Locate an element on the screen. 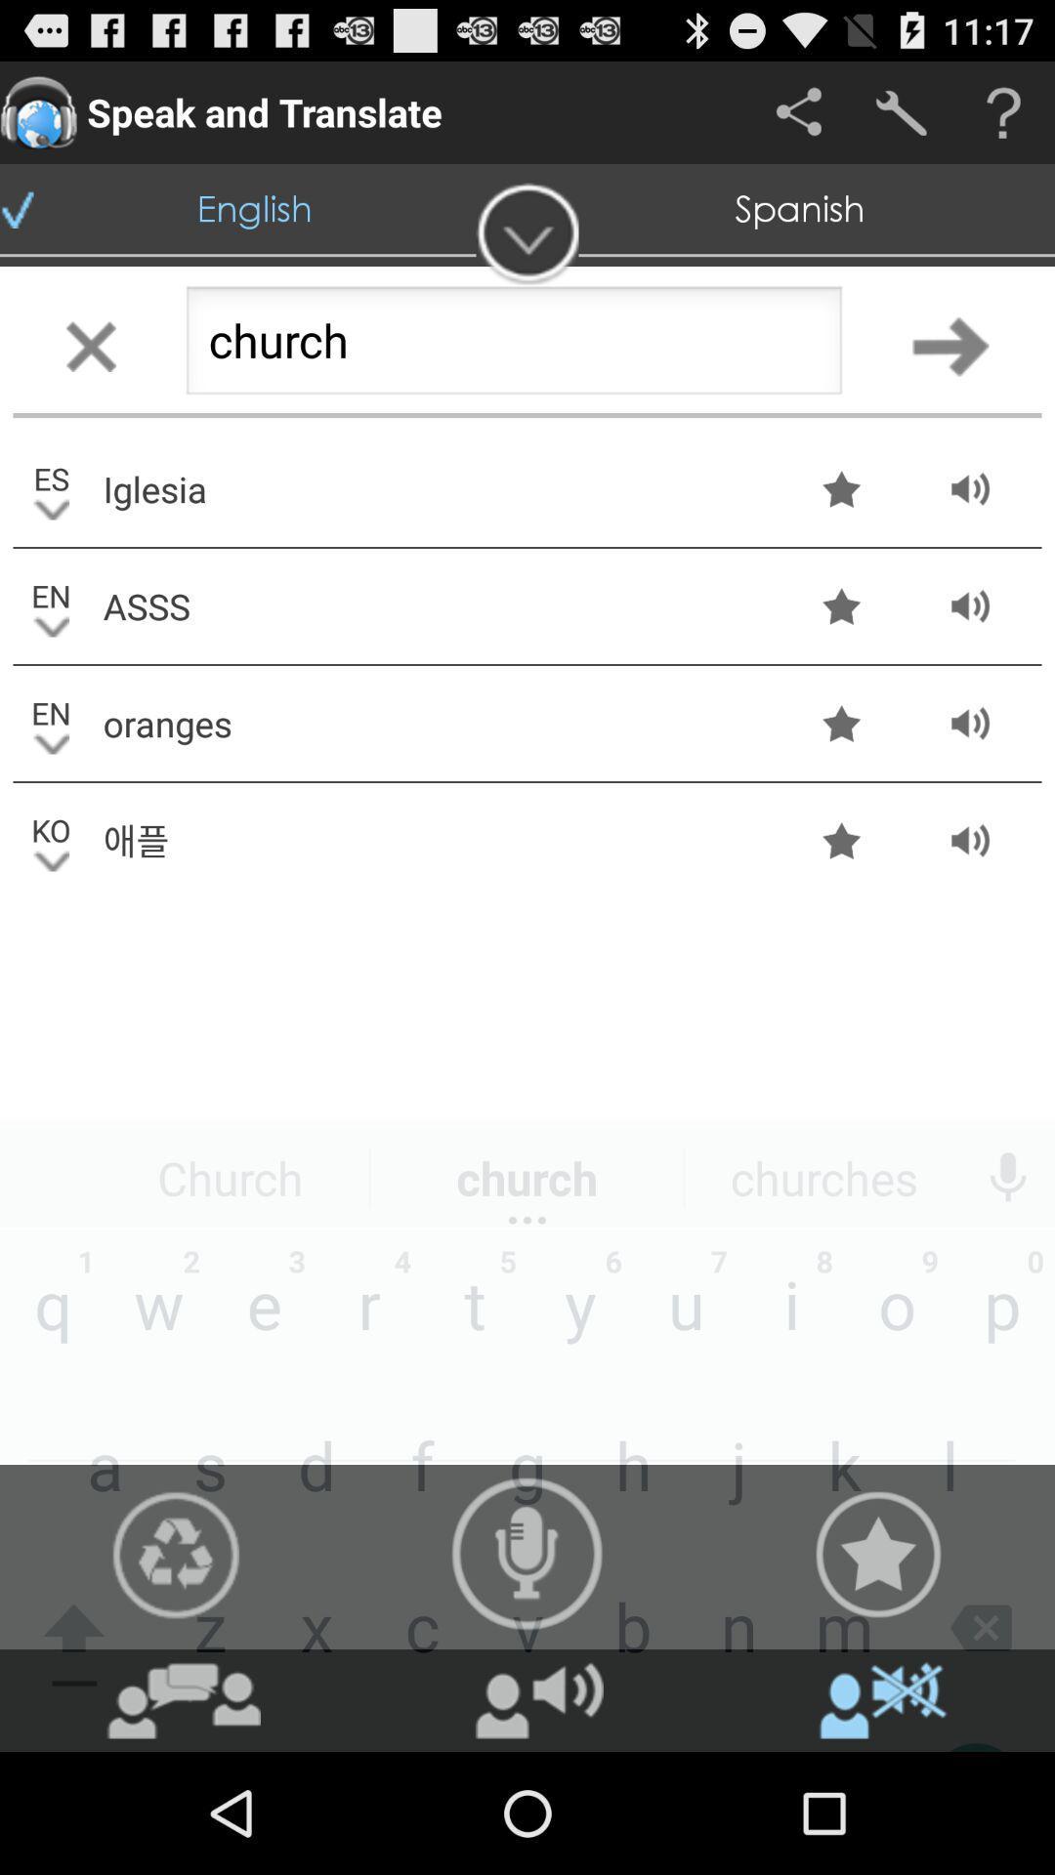 The height and width of the screenshot is (1875, 1055). en dropdown which is before asss on the page is located at coordinates (51, 604).